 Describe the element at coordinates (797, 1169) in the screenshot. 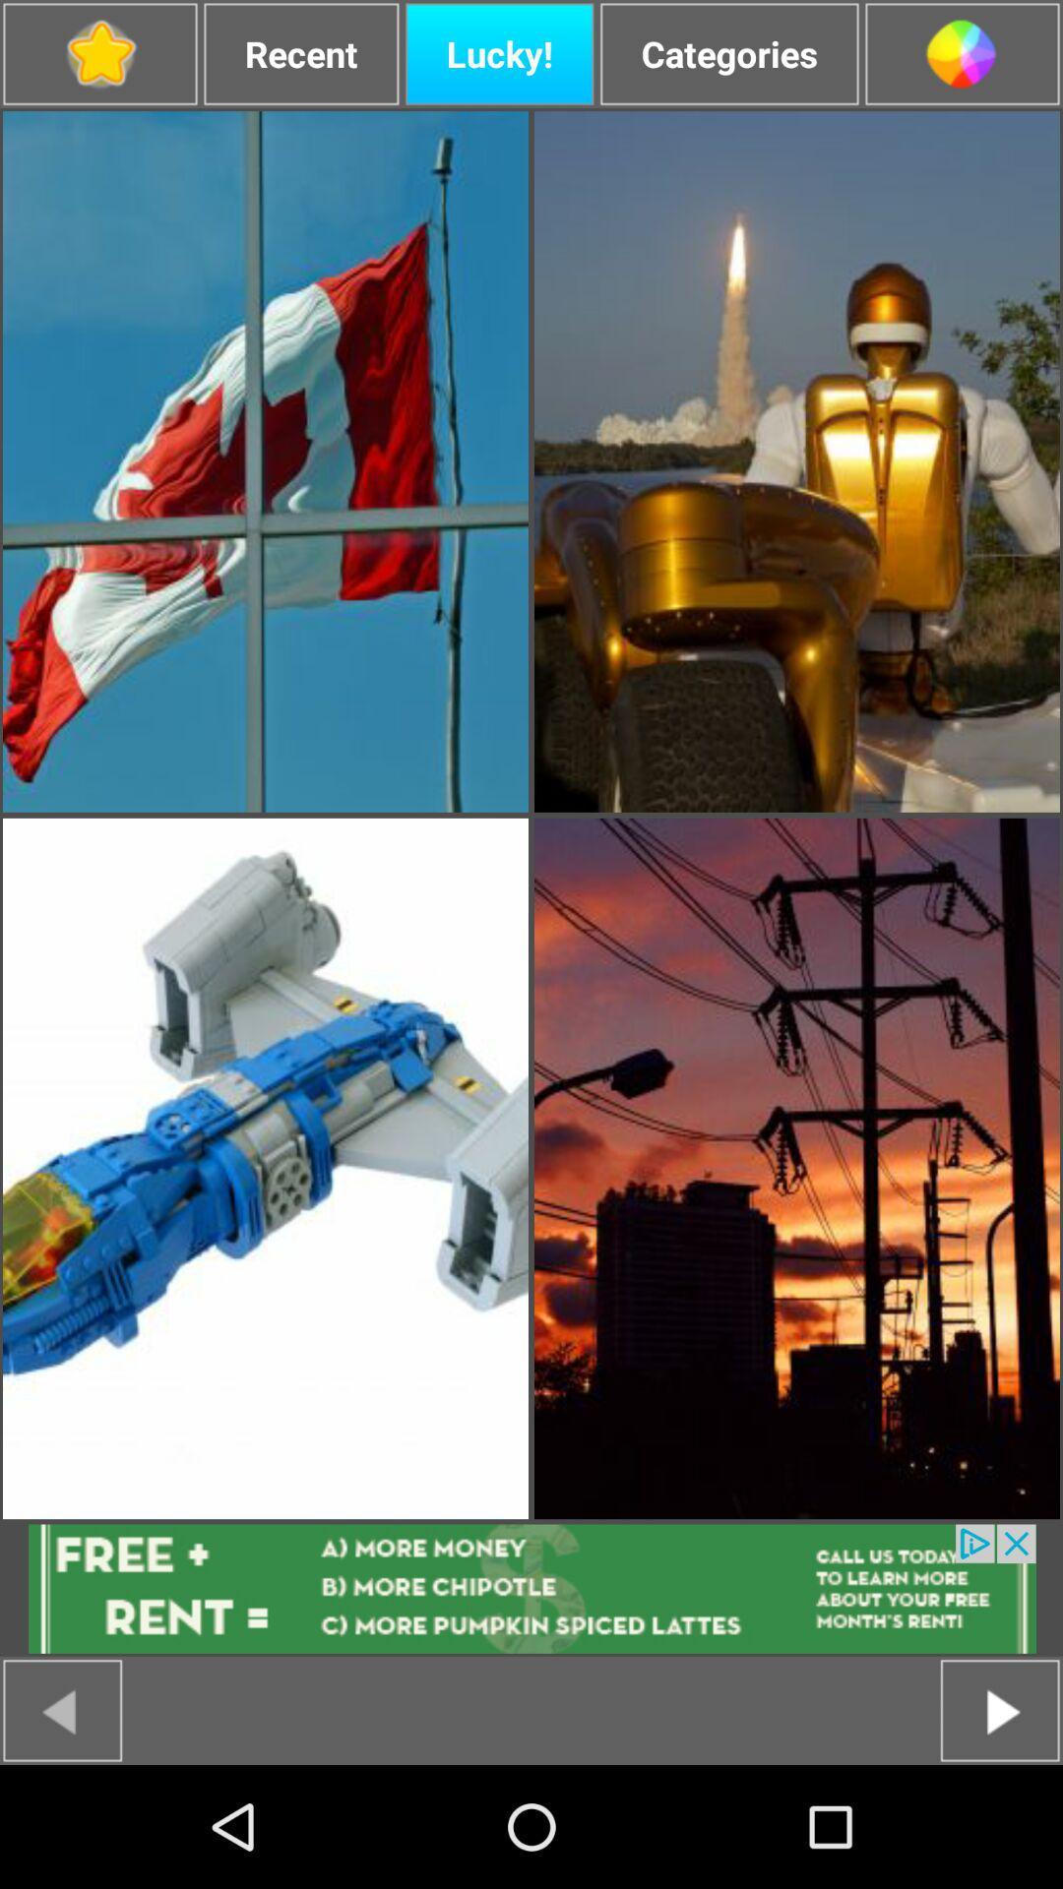

I see `the fourth image at the right side` at that location.